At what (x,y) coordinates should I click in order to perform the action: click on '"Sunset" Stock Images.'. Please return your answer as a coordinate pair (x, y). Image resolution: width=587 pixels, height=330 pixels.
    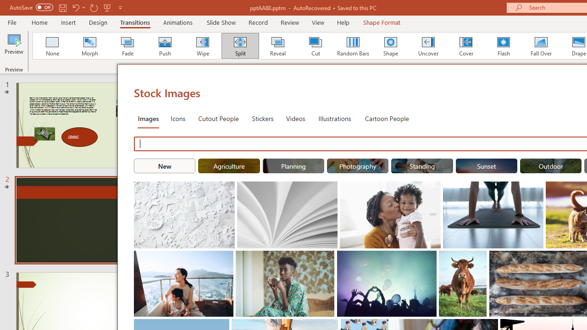
    Looking at the image, I should click on (486, 166).